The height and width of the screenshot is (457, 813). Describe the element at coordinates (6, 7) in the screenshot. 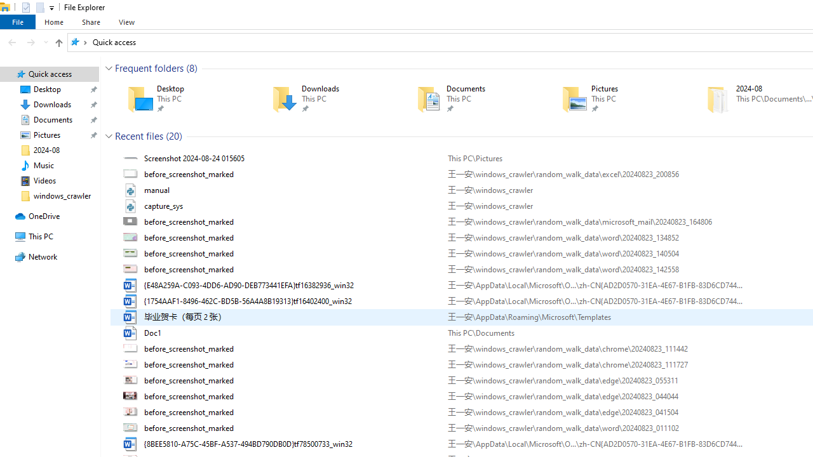

I see `'System'` at that location.